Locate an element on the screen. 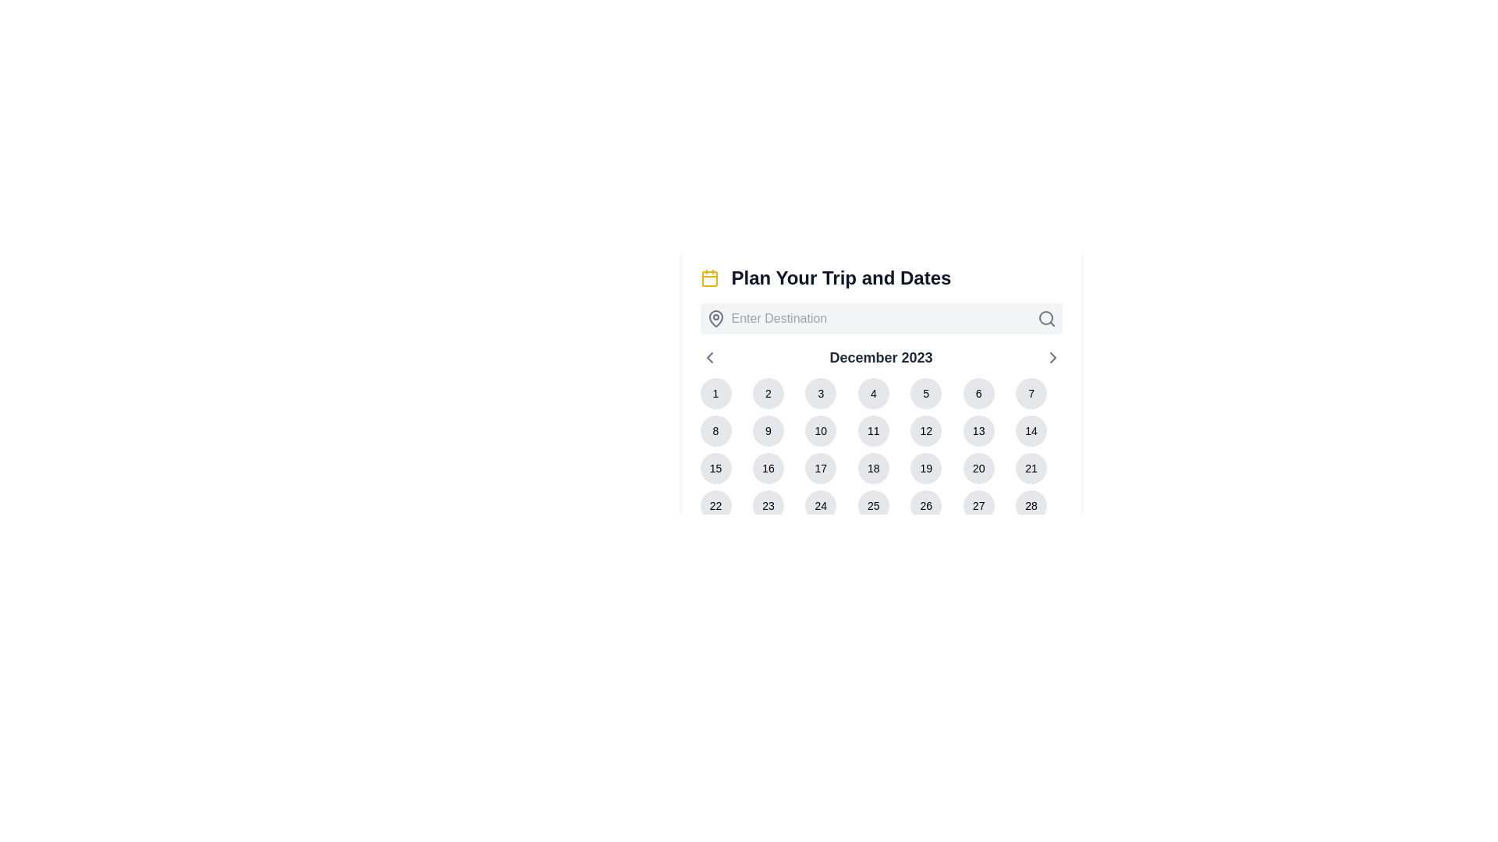 The image size is (1498, 842). the calendar month in the interactive Calendrical date selection grid titled 'Plan Your Trip and Dates' located in the modal is located at coordinates (881, 453).